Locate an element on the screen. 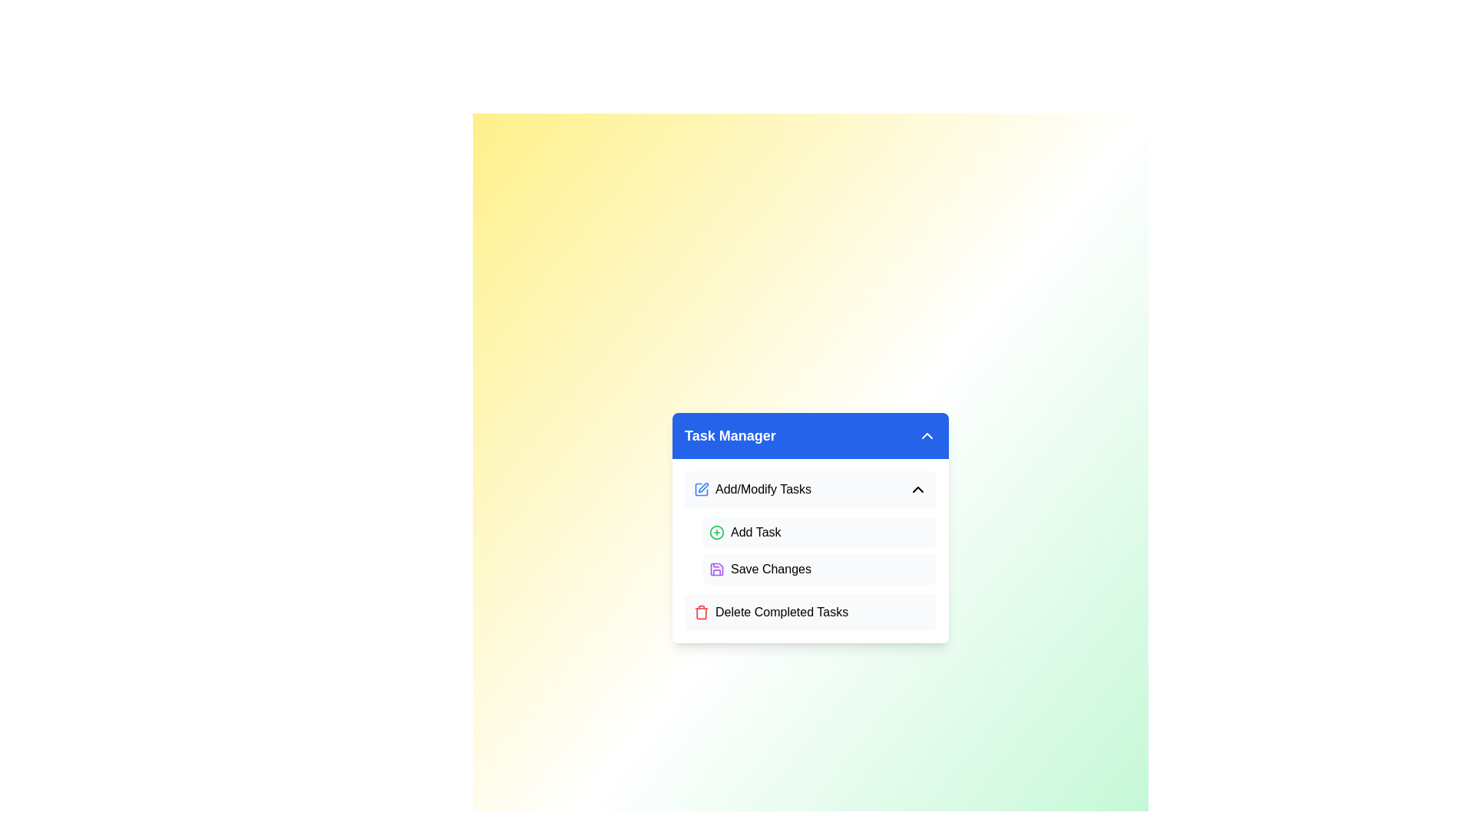  the text label displaying 'Add Task' which is part of a button-like interactive unit located in the 'Task Manager' panel is located at coordinates (755, 532).